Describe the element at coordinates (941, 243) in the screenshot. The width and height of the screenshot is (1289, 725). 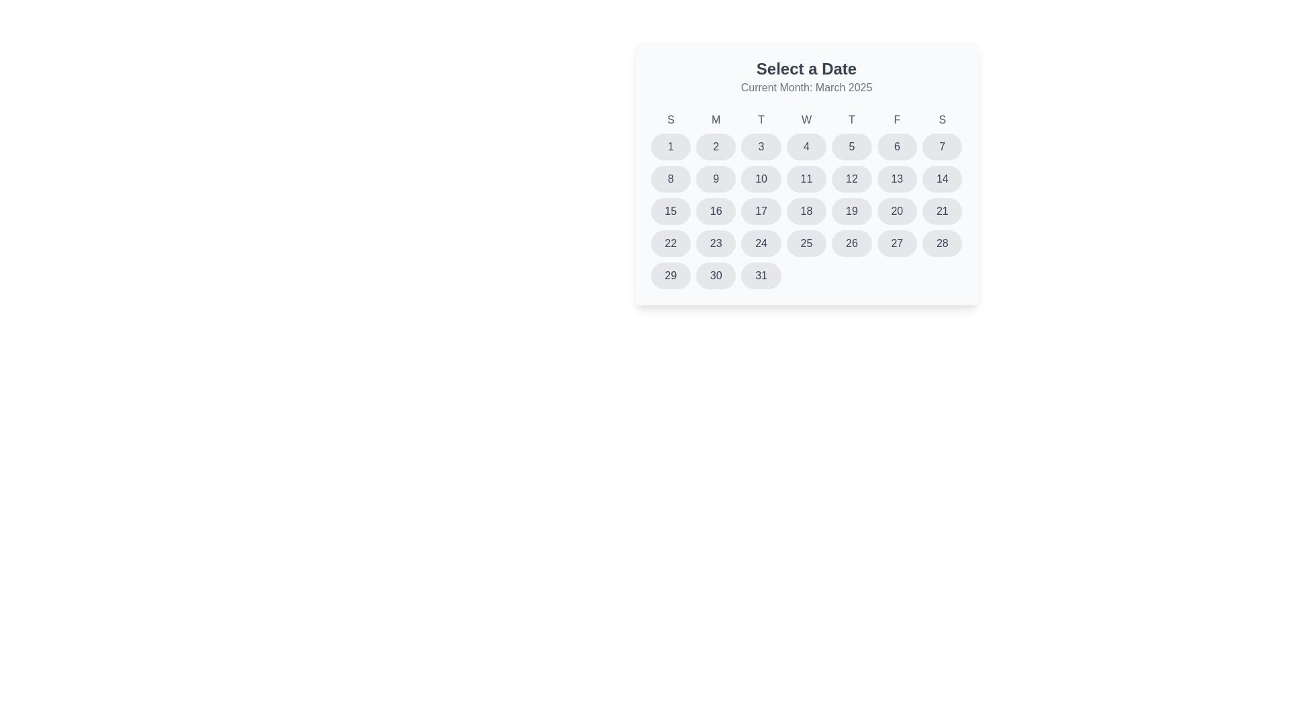
I see `the circular button displaying the number '28' in the calendar interface` at that location.